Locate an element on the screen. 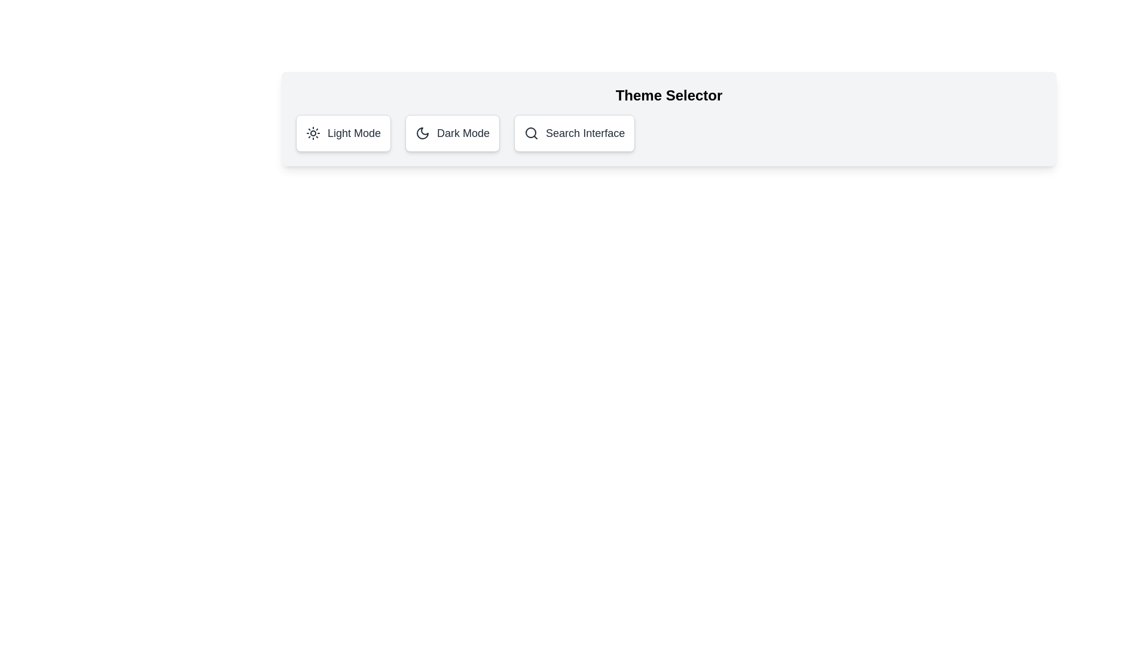  the theme button corresponding to Light Mode is located at coordinates (343, 133).